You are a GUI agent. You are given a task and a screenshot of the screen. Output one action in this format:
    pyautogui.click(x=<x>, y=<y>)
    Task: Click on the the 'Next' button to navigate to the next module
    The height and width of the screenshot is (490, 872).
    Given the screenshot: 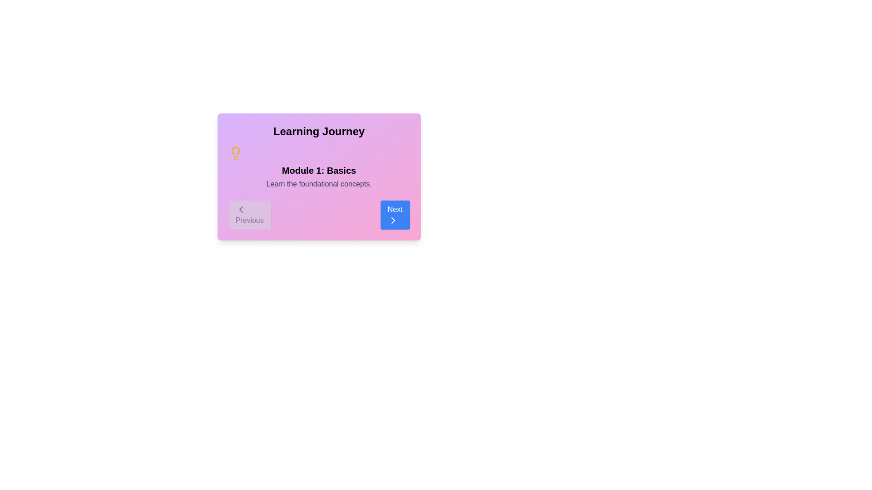 What is the action you would take?
    pyautogui.click(x=395, y=215)
    